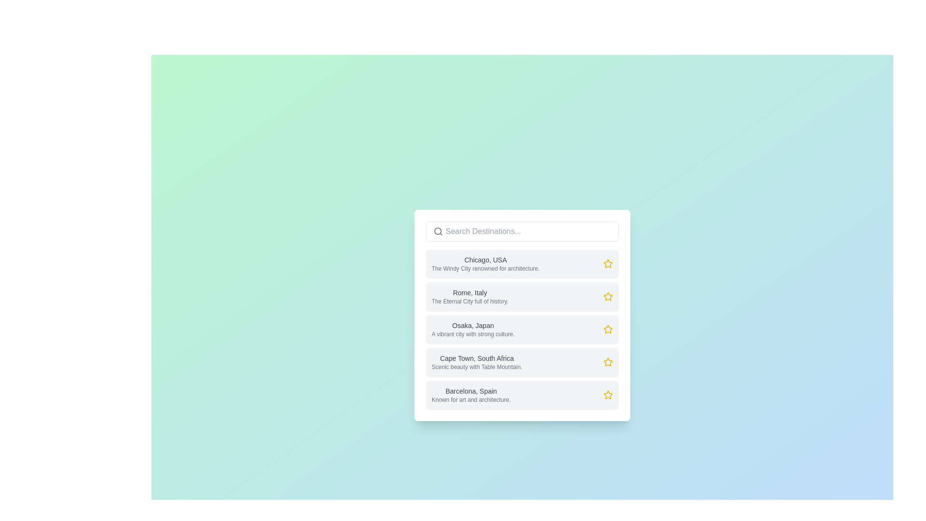 The image size is (926, 521). I want to click on the text label that provides additional context about 'Rome, Italy', so click(470, 301).